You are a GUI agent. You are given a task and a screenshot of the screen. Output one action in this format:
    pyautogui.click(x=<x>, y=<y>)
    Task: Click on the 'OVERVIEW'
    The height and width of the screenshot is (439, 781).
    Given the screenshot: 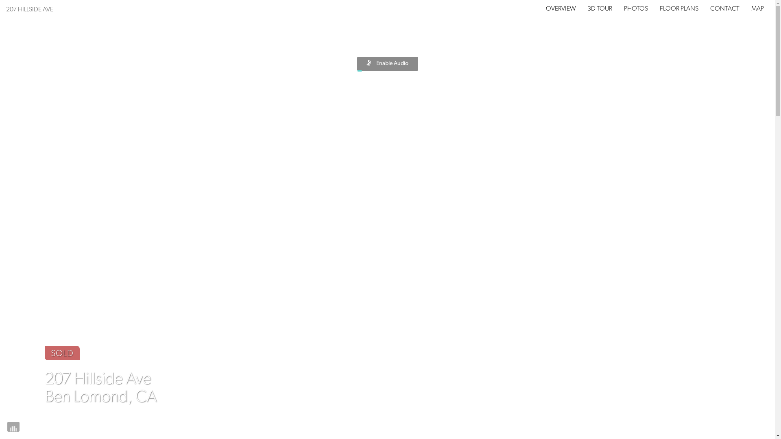 What is the action you would take?
    pyautogui.click(x=560, y=9)
    